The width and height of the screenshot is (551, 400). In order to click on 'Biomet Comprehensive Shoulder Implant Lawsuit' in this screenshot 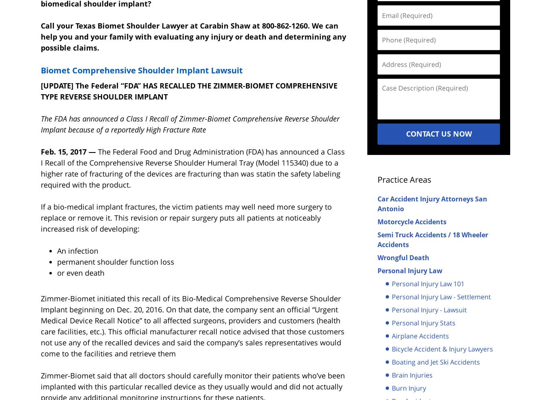, I will do `click(142, 69)`.